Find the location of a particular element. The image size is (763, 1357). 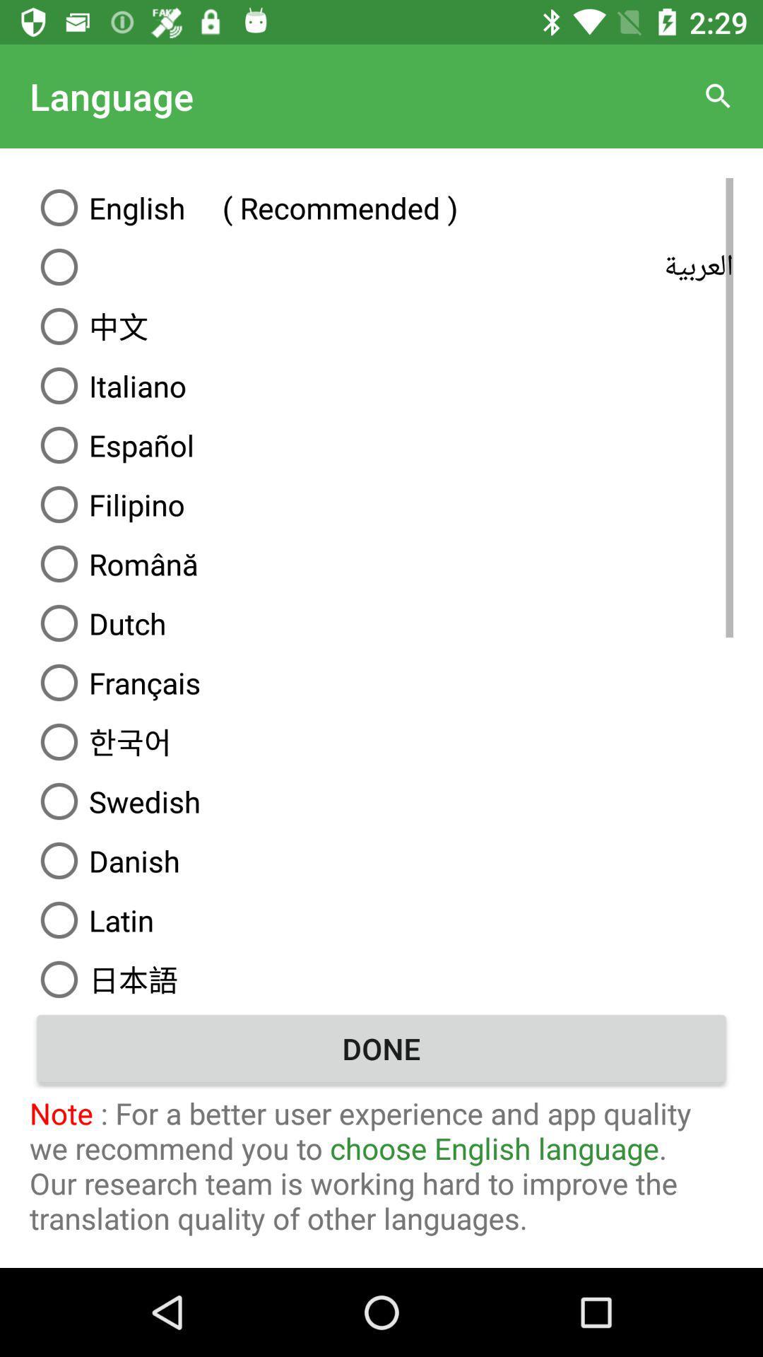

the option below filipino is located at coordinates (381, 563).